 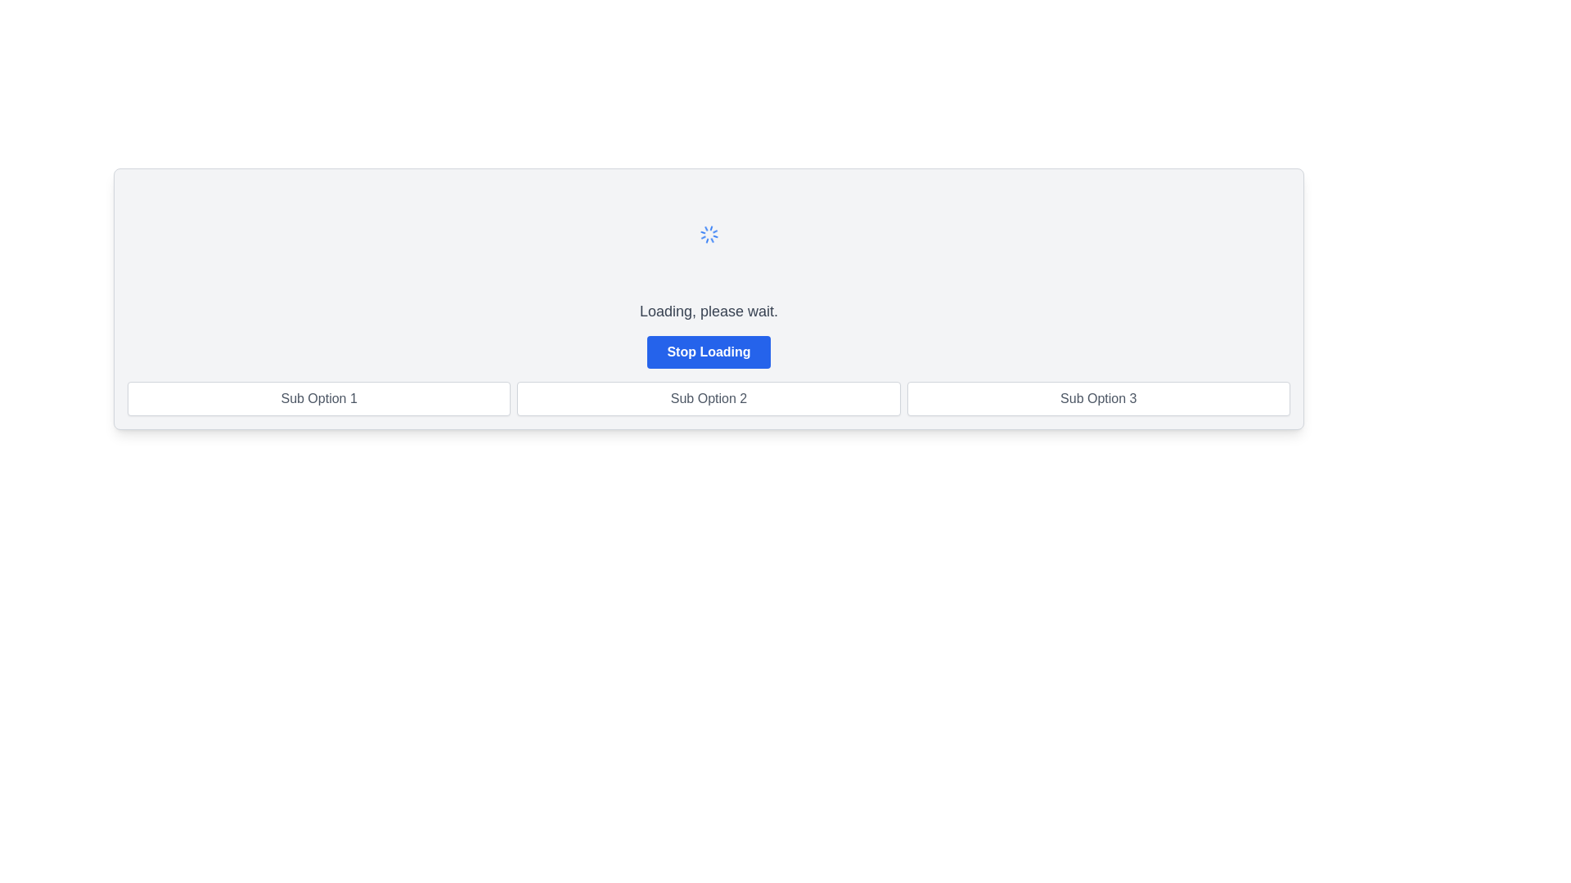 What do you see at coordinates (1098, 399) in the screenshot?
I see `the non-interactive placeholder button labeled 'Sub Option 3', which is a rectangular button with a white background, gray border, and rounded corners, located at the bottom center of the interface` at bounding box center [1098, 399].